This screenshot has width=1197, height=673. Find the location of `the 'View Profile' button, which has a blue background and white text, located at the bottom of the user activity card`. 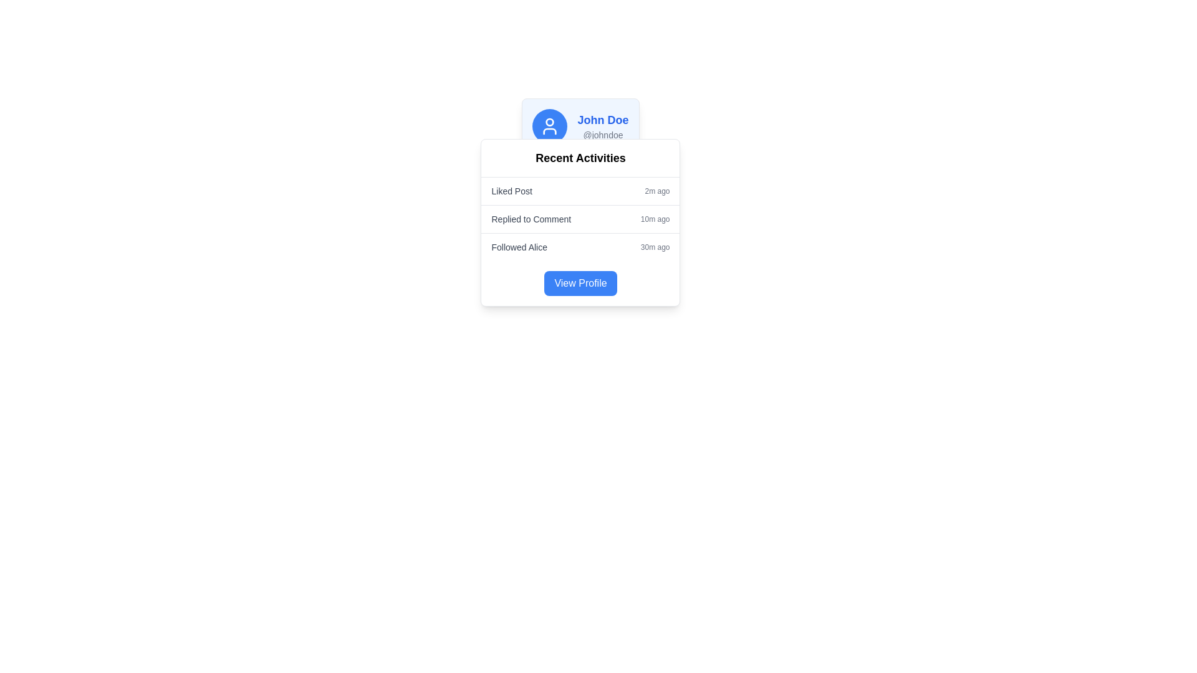

the 'View Profile' button, which has a blue background and white text, located at the bottom of the user activity card is located at coordinates (580, 284).